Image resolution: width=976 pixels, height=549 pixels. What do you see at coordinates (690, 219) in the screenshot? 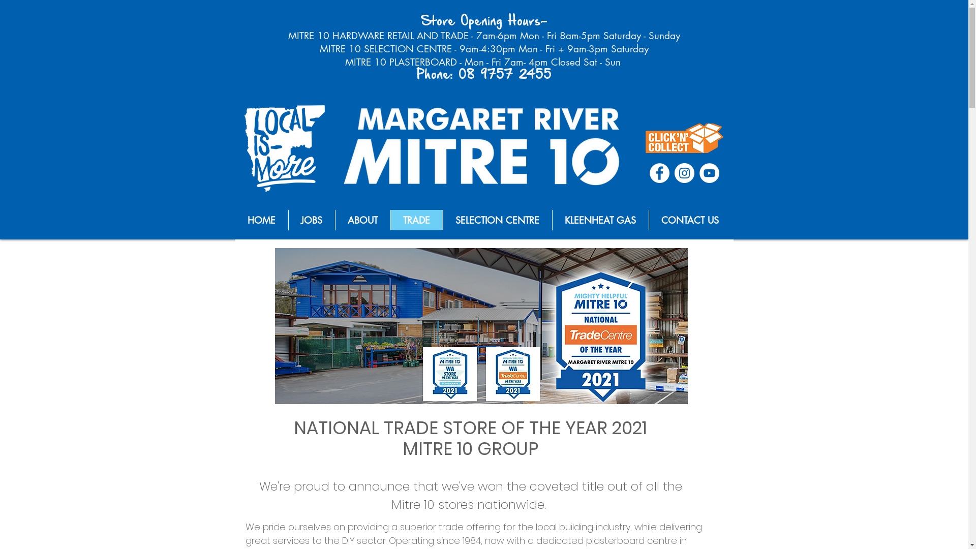
I see `'CONTACT US'` at bounding box center [690, 219].